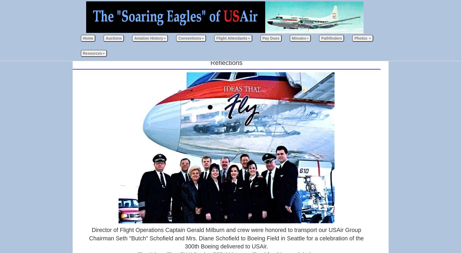 The width and height of the screenshot is (461, 253). Describe the element at coordinates (178, 38) in the screenshot. I see `'Conventions'` at that location.